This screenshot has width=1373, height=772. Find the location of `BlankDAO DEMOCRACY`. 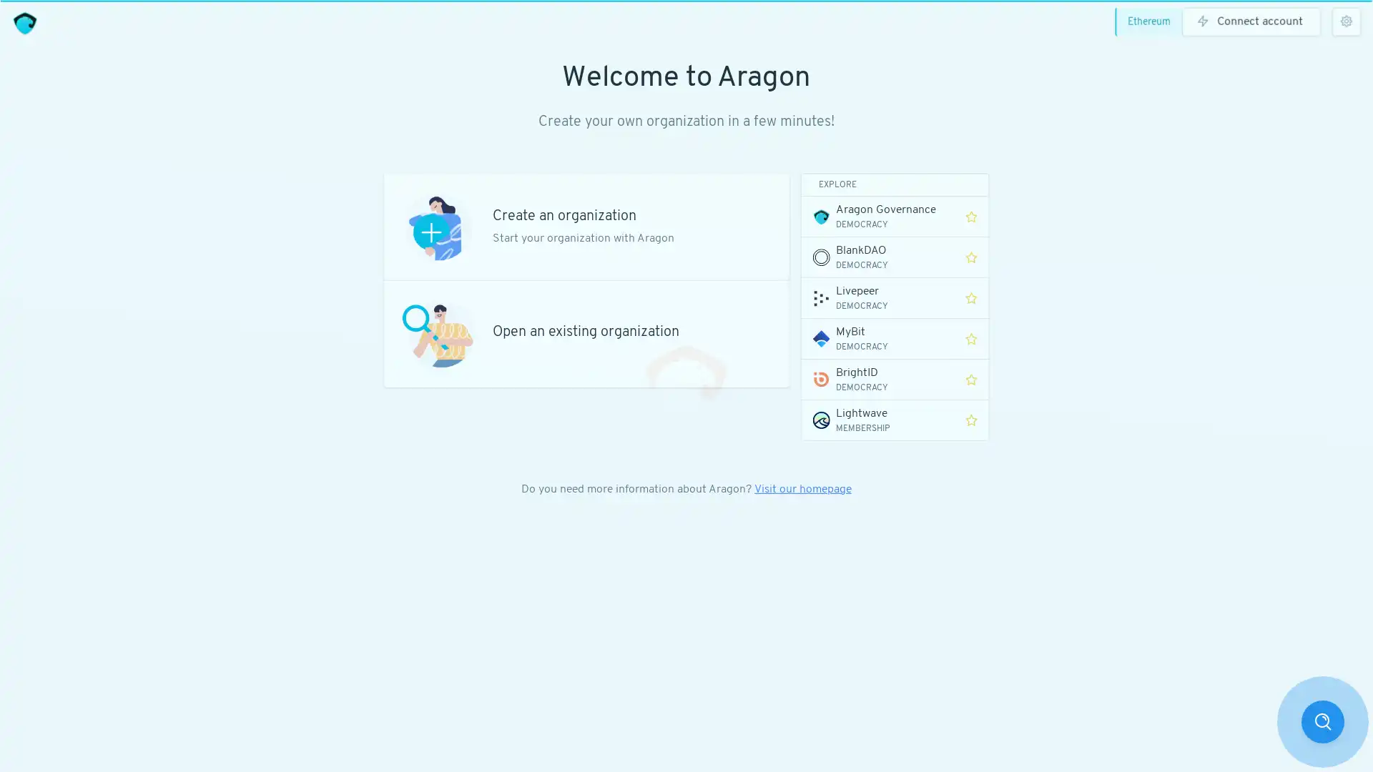

BlankDAO DEMOCRACY is located at coordinates (877, 256).